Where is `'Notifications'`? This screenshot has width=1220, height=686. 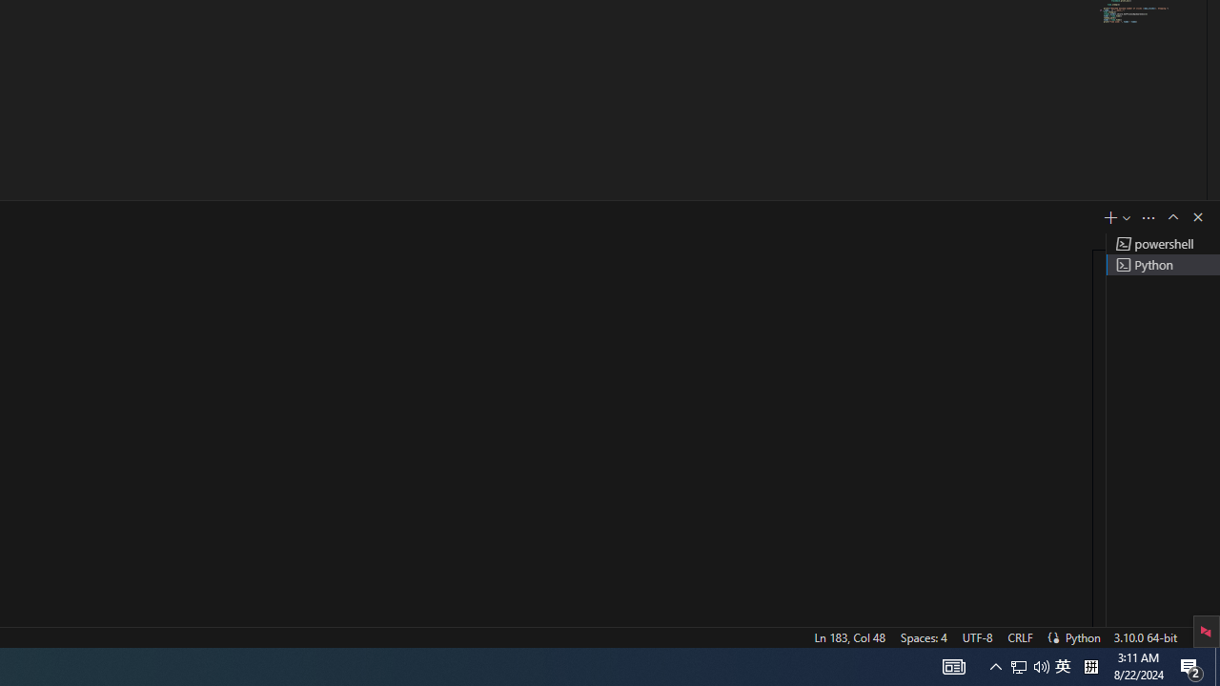 'Notifications' is located at coordinates (1197, 636).